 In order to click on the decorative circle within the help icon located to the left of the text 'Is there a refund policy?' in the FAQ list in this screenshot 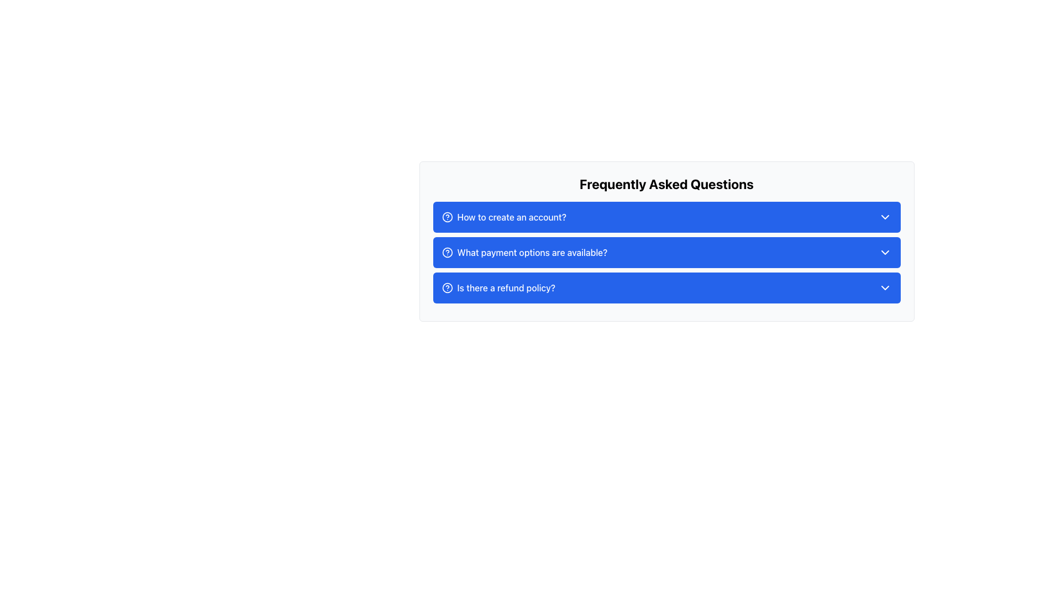, I will do `click(447, 287)`.